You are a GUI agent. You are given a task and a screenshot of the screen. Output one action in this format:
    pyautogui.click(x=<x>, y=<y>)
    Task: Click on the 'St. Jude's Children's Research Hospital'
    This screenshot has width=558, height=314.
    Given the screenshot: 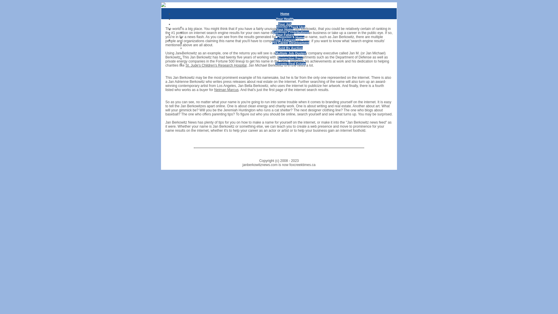 What is the action you would take?
    pyautogui.click(x=216, y=65)
    